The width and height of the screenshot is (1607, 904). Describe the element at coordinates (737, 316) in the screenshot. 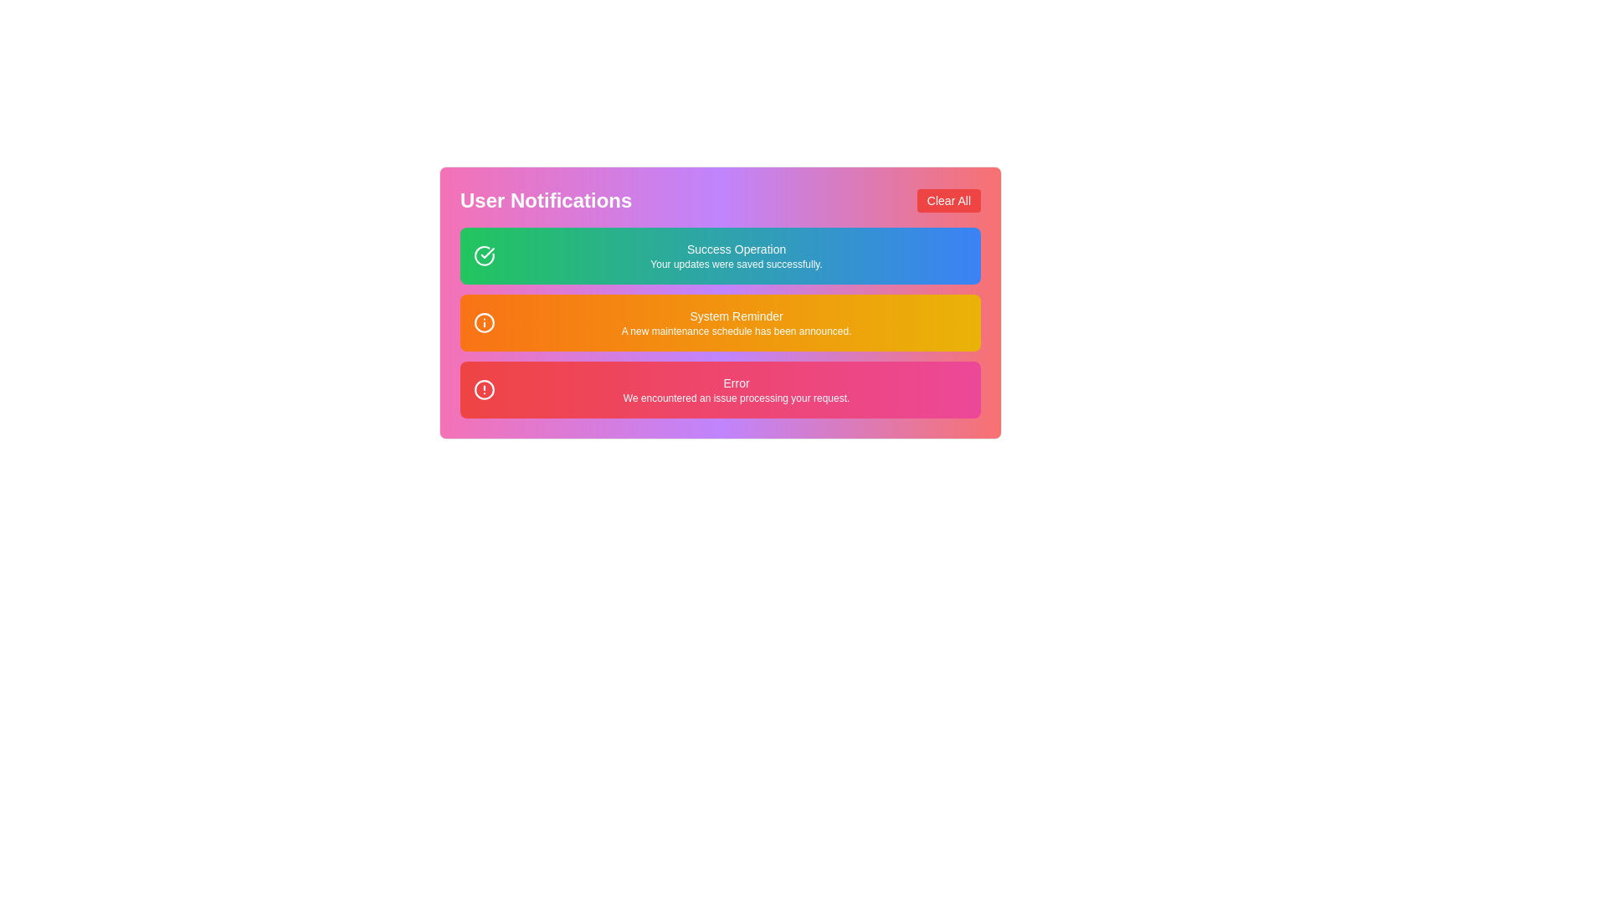

I see `the 'System Reminder' text label, which is displayed in white on an orange and yellow gradient background, located within the second notification entry of user notifications` at that location.